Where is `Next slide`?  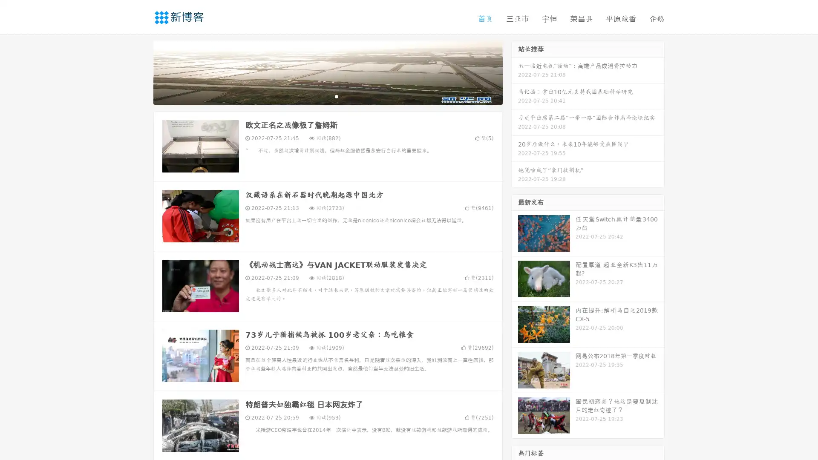 Next slide is located at coordinates (515, 72).